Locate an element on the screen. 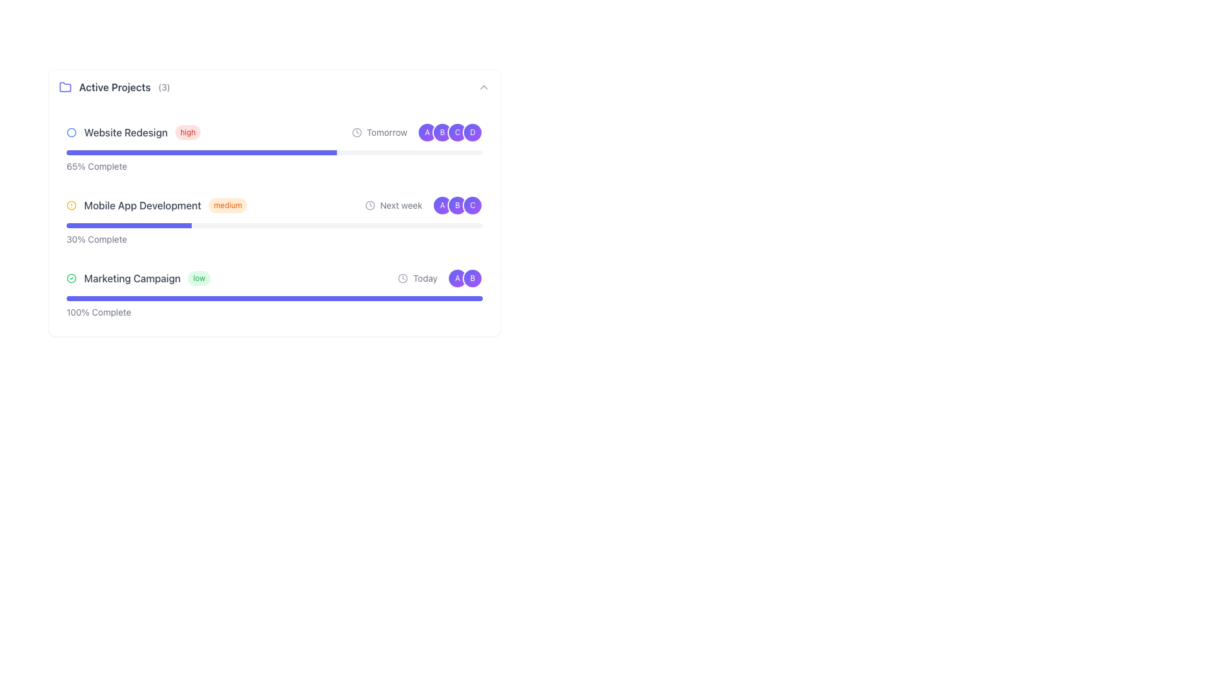 The width and height of the screenshot is (1207, 679). the text button labeled 'high' which is a small rounded rectangle in light red color, positioned next to 'Website Redesign', to associate the priority with the corresponding task is located at coordinates (187, 133).